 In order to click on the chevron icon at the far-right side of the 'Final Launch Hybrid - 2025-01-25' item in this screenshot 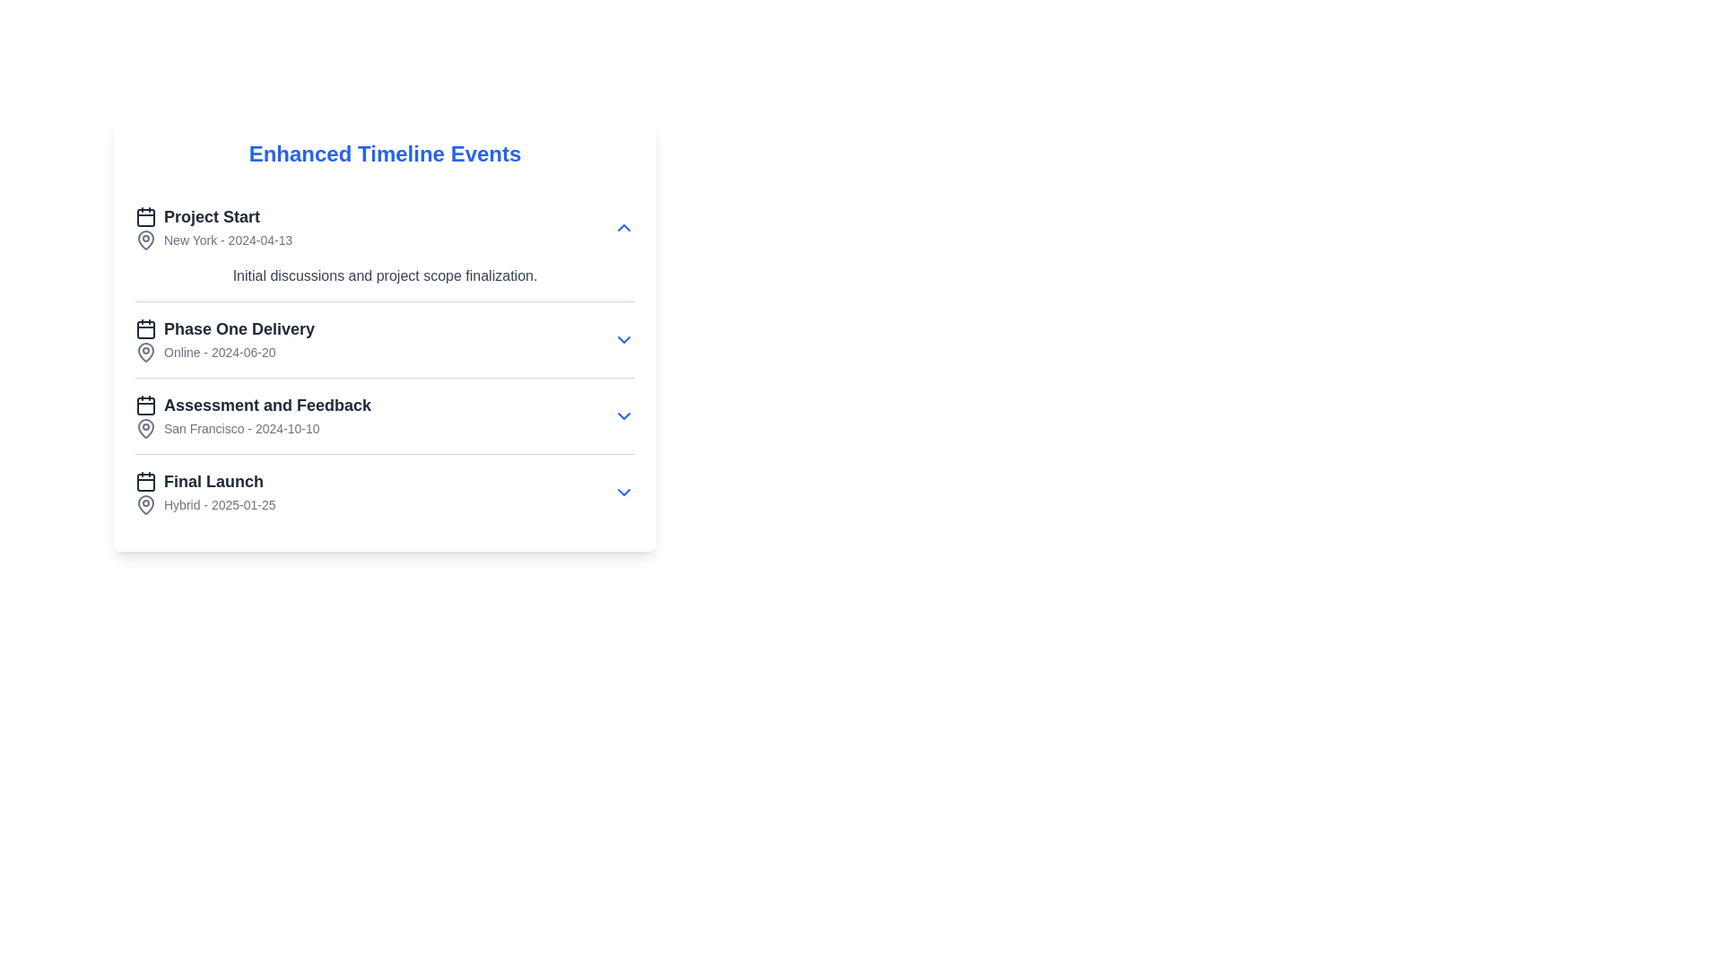, I will do `click(624, 492)`.